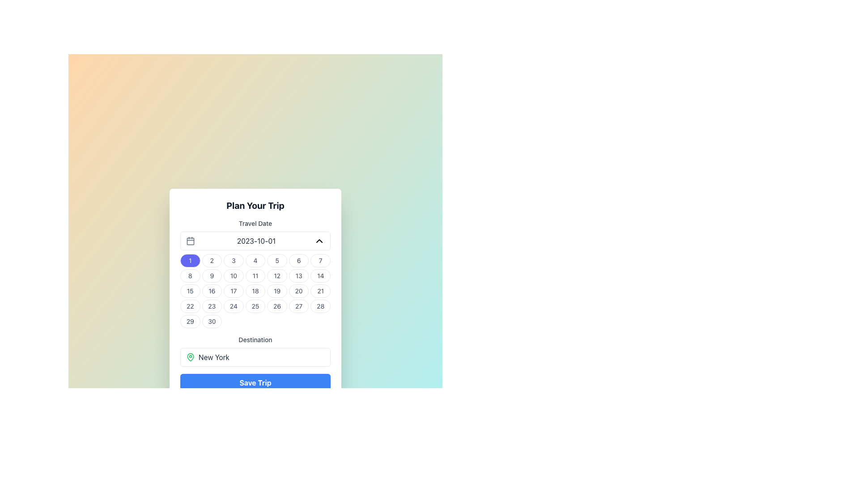 This screenshot has width=859, height=483. What do you see at coordinates (190, 275) in the screenshot?
I see `the button representing the date '8' in the calendar interface` at bounding box center [190, 275].